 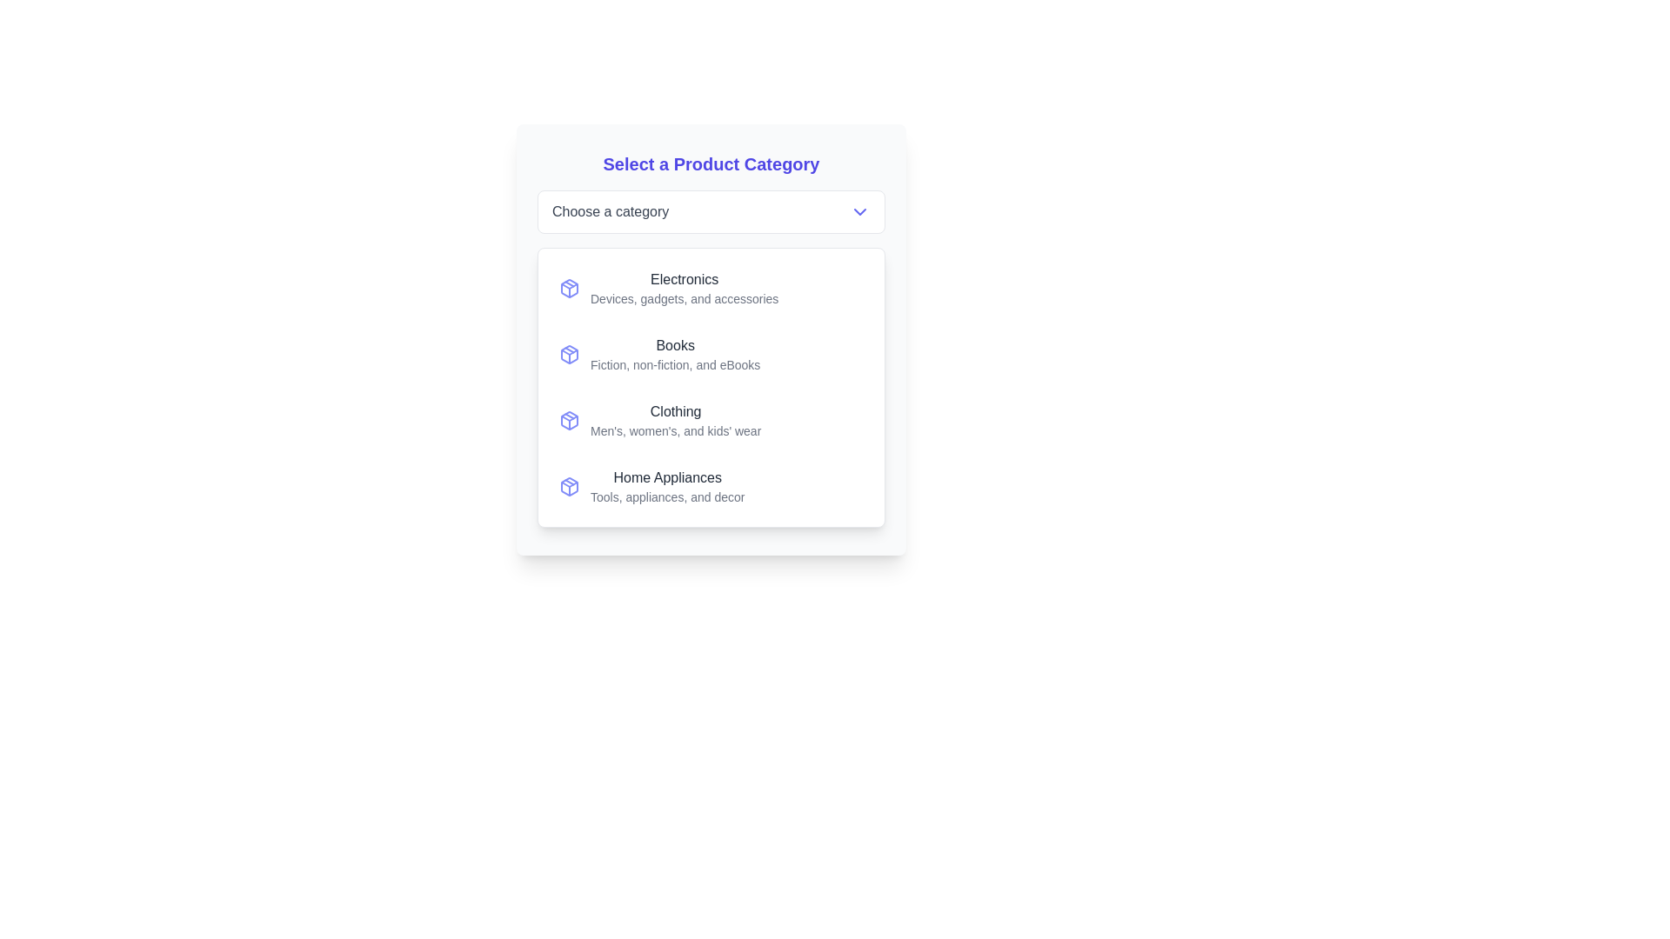 I want to click on the 'Home Appliances' category option, which is the fourth item in the vertical list within a white, rounded rectangle, so click(x=711, y=486).